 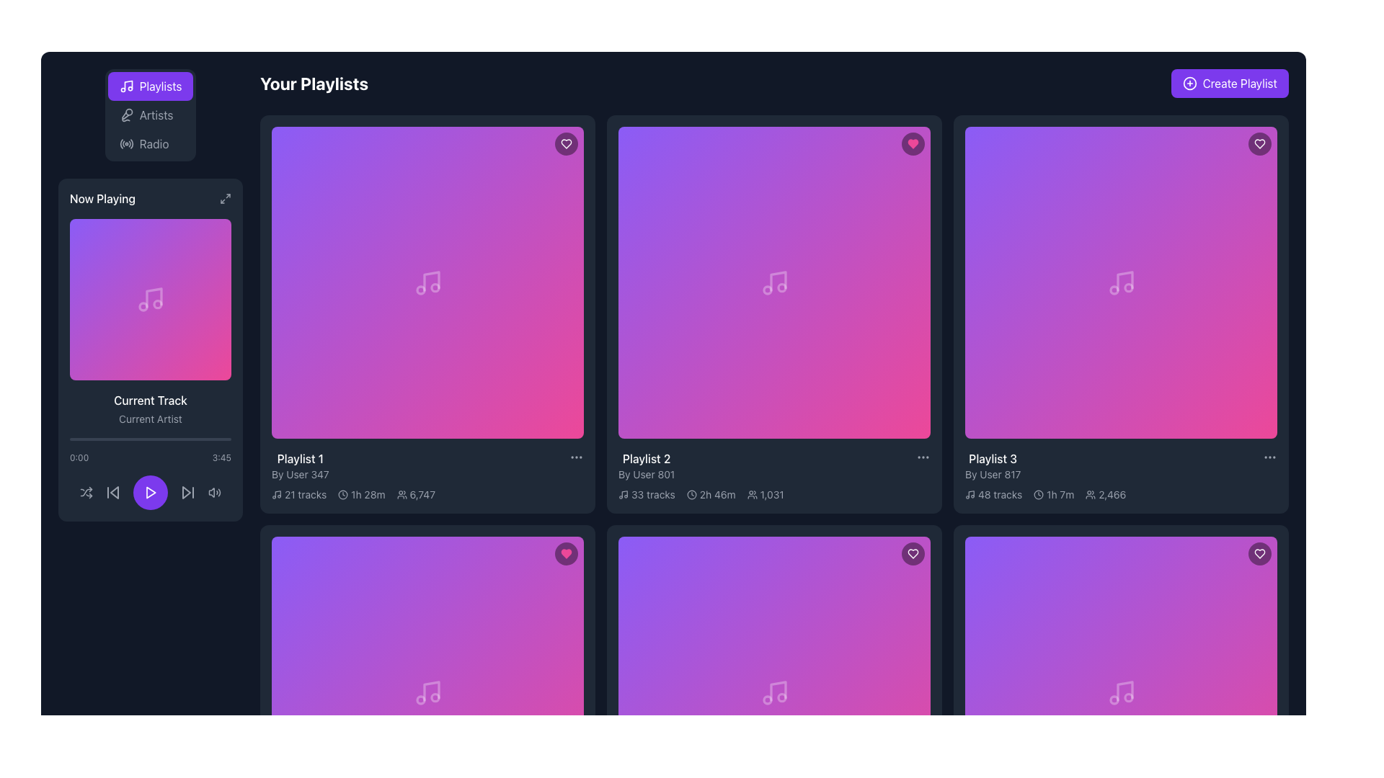 What do you see at coordinates (913, 144) in the screenshot?
I see `the heart-shaped icon filled with vibrant pink color located at the top-right corner of the 'Playlist 3' card` at bounding box center [913, 144].